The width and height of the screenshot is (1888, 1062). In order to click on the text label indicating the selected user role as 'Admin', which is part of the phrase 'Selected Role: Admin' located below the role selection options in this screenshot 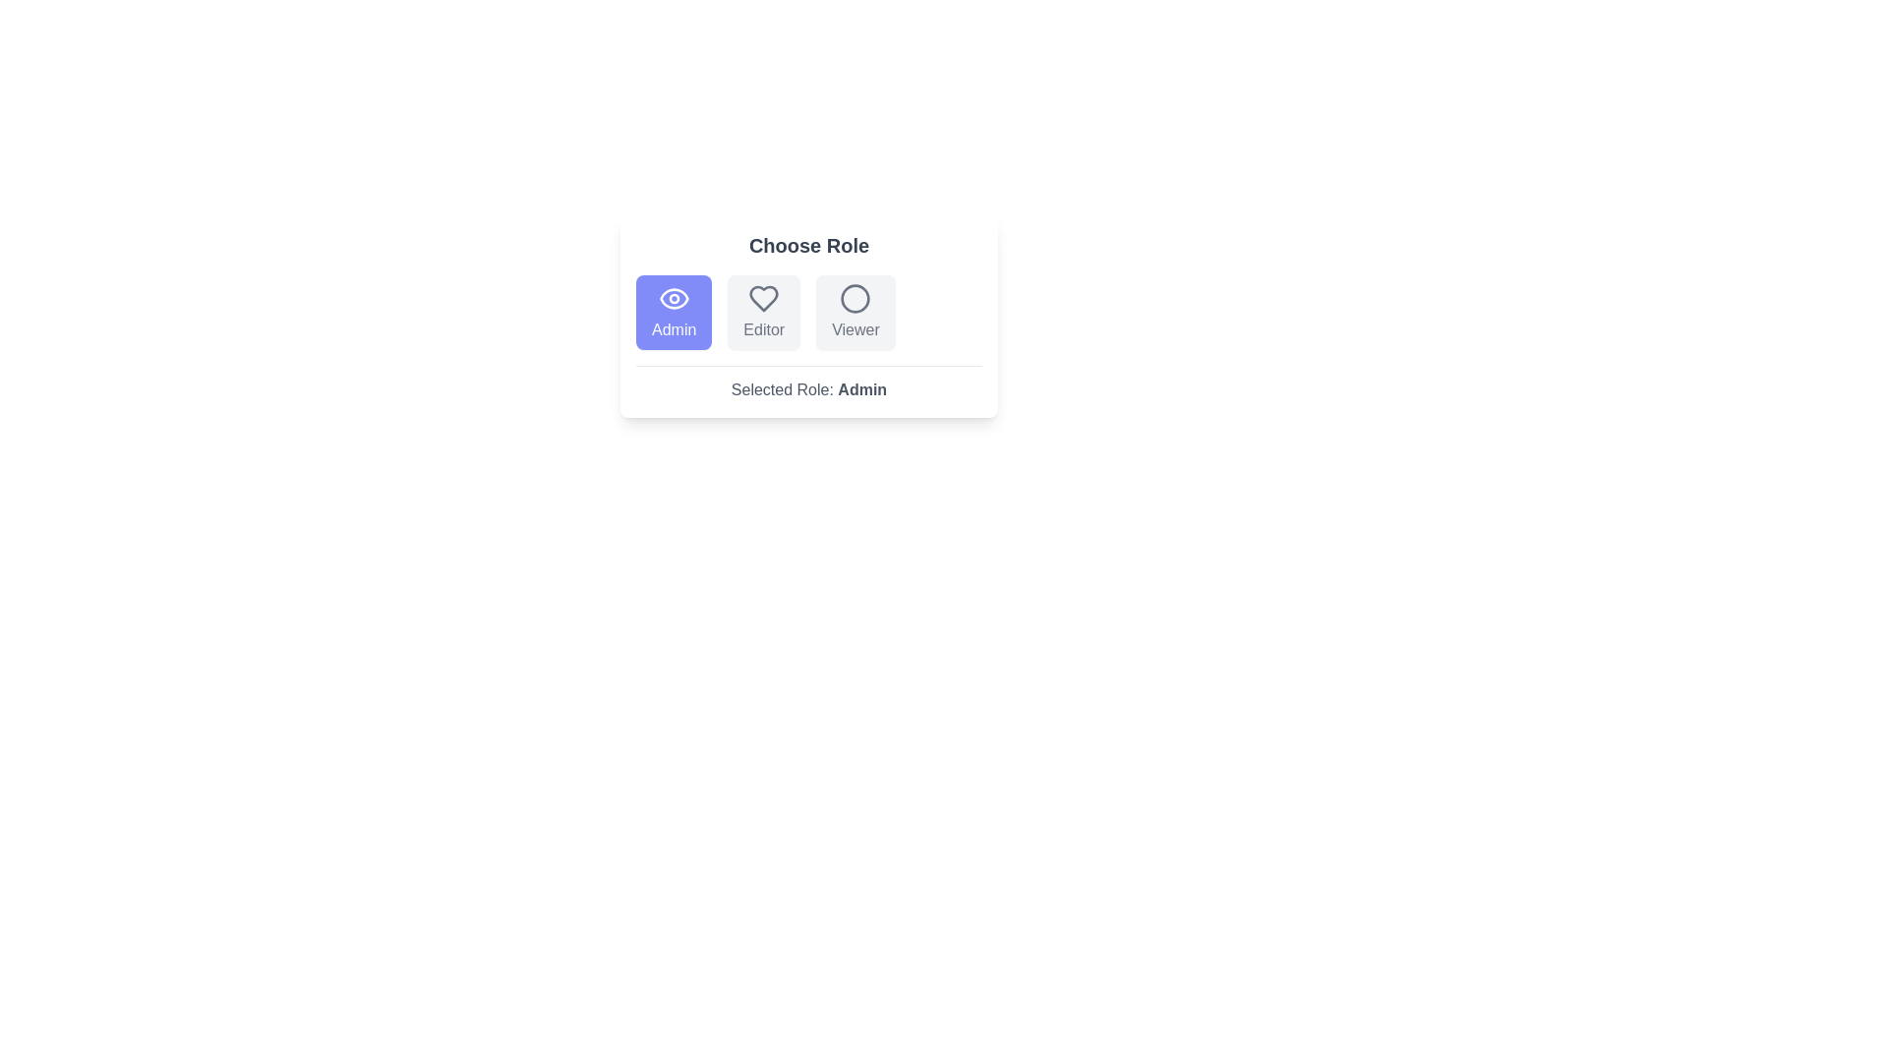, I will do `click(862, 389)`.